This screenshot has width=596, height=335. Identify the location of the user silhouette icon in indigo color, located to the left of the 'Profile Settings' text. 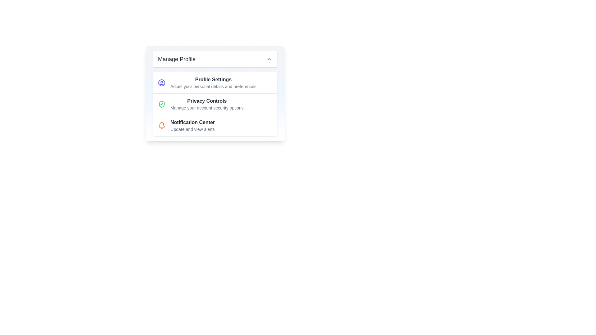
(162, 82).